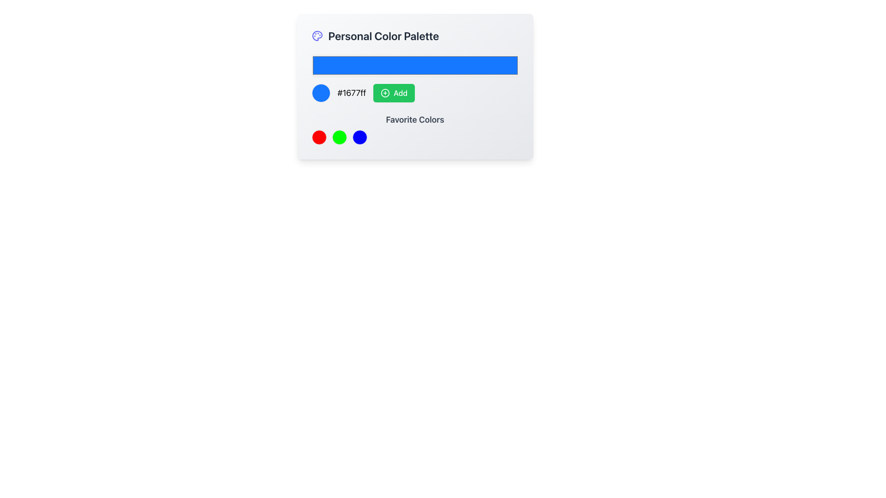  Describe the element at coordinates (317, 35) in the screenshot. I see `the painter's palette icon, which is vibrant indigo and located to the far left of the 'Personal Color Palette' header` at that location.